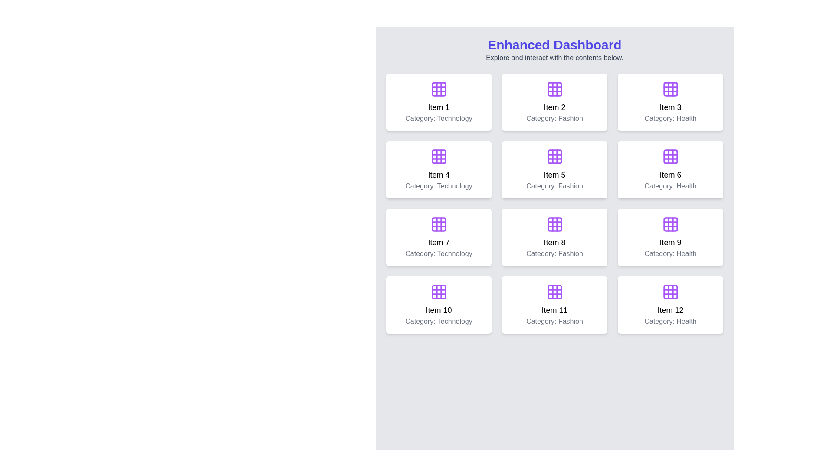  Describe the element at coordinates (439, 224) in the screenshot. I see `the icon representing 'Item 7' located on the white card titled 'Item 7' with the subtext 'Category: Technology', positioned in the third row and first column of the grid layout` at that location.